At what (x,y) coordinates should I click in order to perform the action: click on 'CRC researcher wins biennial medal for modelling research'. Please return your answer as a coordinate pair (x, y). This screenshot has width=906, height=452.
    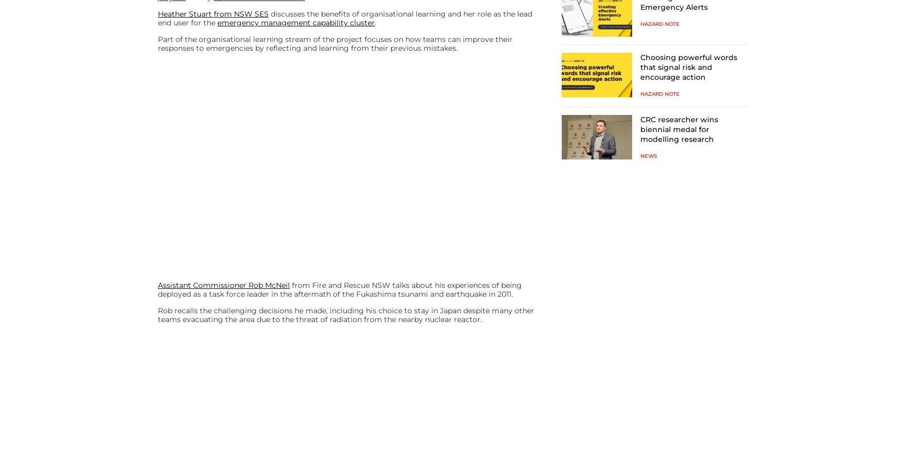
    Looking at the image, I should click on (678, 129).